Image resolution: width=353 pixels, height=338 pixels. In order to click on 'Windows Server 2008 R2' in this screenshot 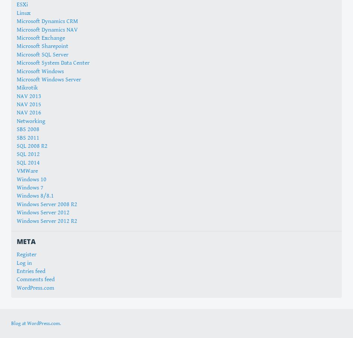, I will do `click(47, 204)`.